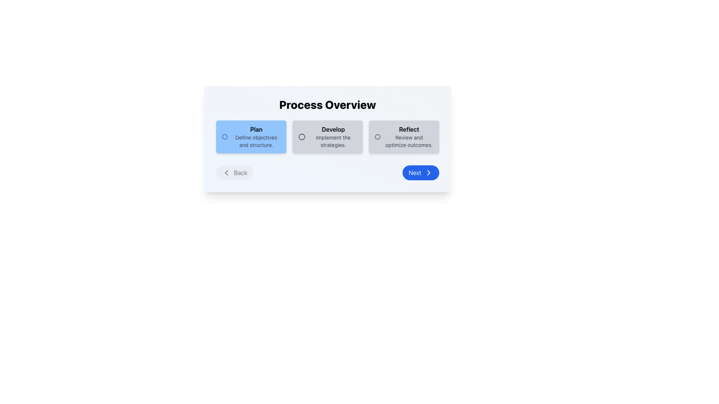 Image resolution: width=719 pixels, height=404 pixels. I want to click on the radio button in the 'Reflect' section, so click(377, 137).